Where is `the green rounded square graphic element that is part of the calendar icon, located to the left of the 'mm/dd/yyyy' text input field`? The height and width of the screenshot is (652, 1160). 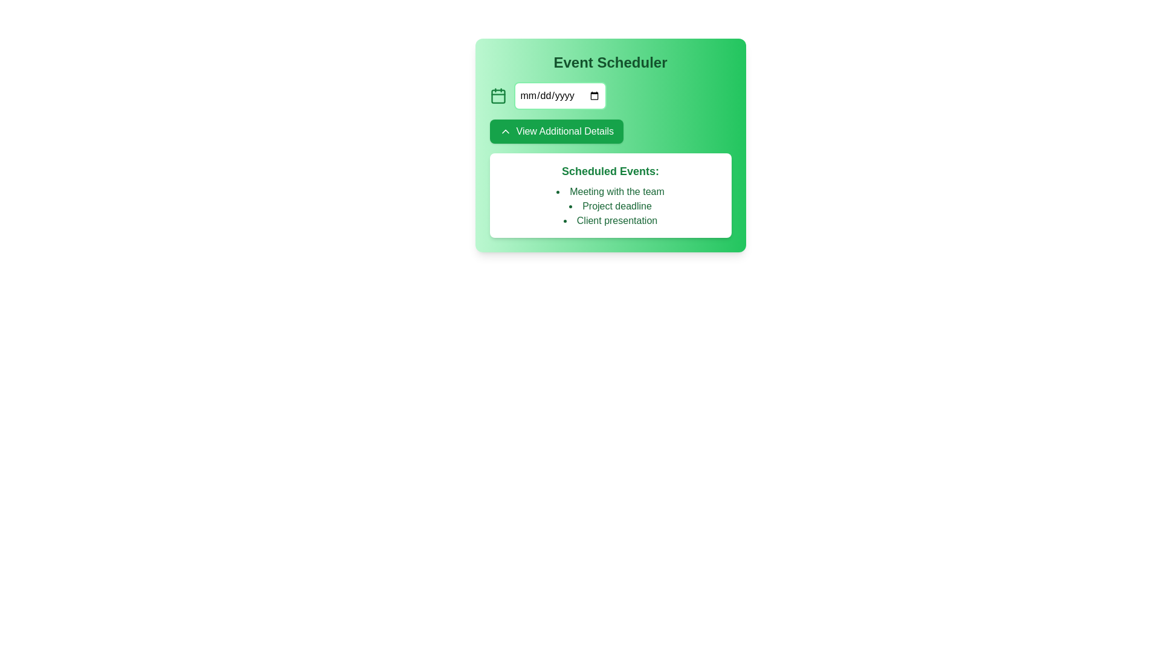 the green rounded square graphic element that is part of the calendar icon, located to the left of the 'mm/dd/yyyy' text input field is located at coordinates (498, 96).